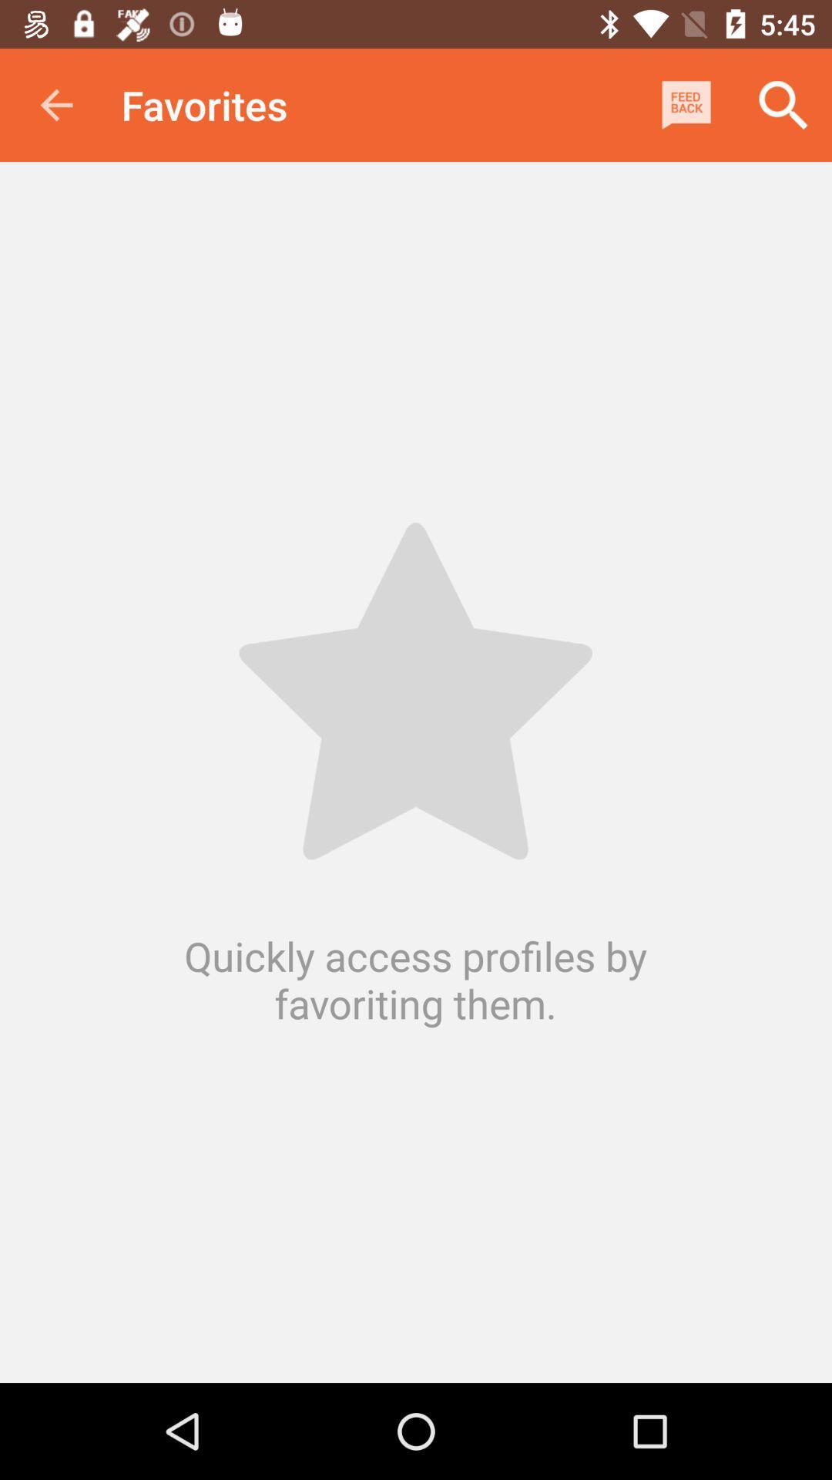 The height and width of the screenshot is (1480, 832). Describe the element at coordinates (55, 104) in the screenshot. I see `app to the left of favorites item` at that location.